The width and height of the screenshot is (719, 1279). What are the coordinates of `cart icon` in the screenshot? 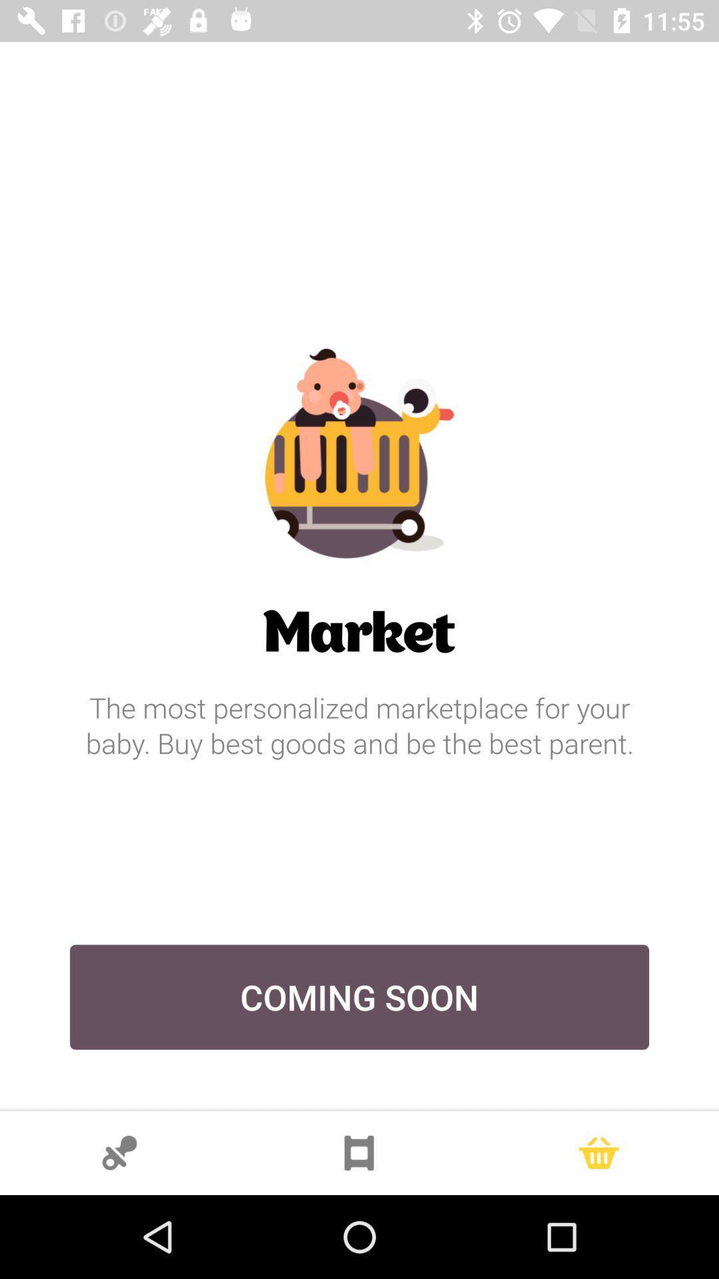 It's located at (598, 1152).